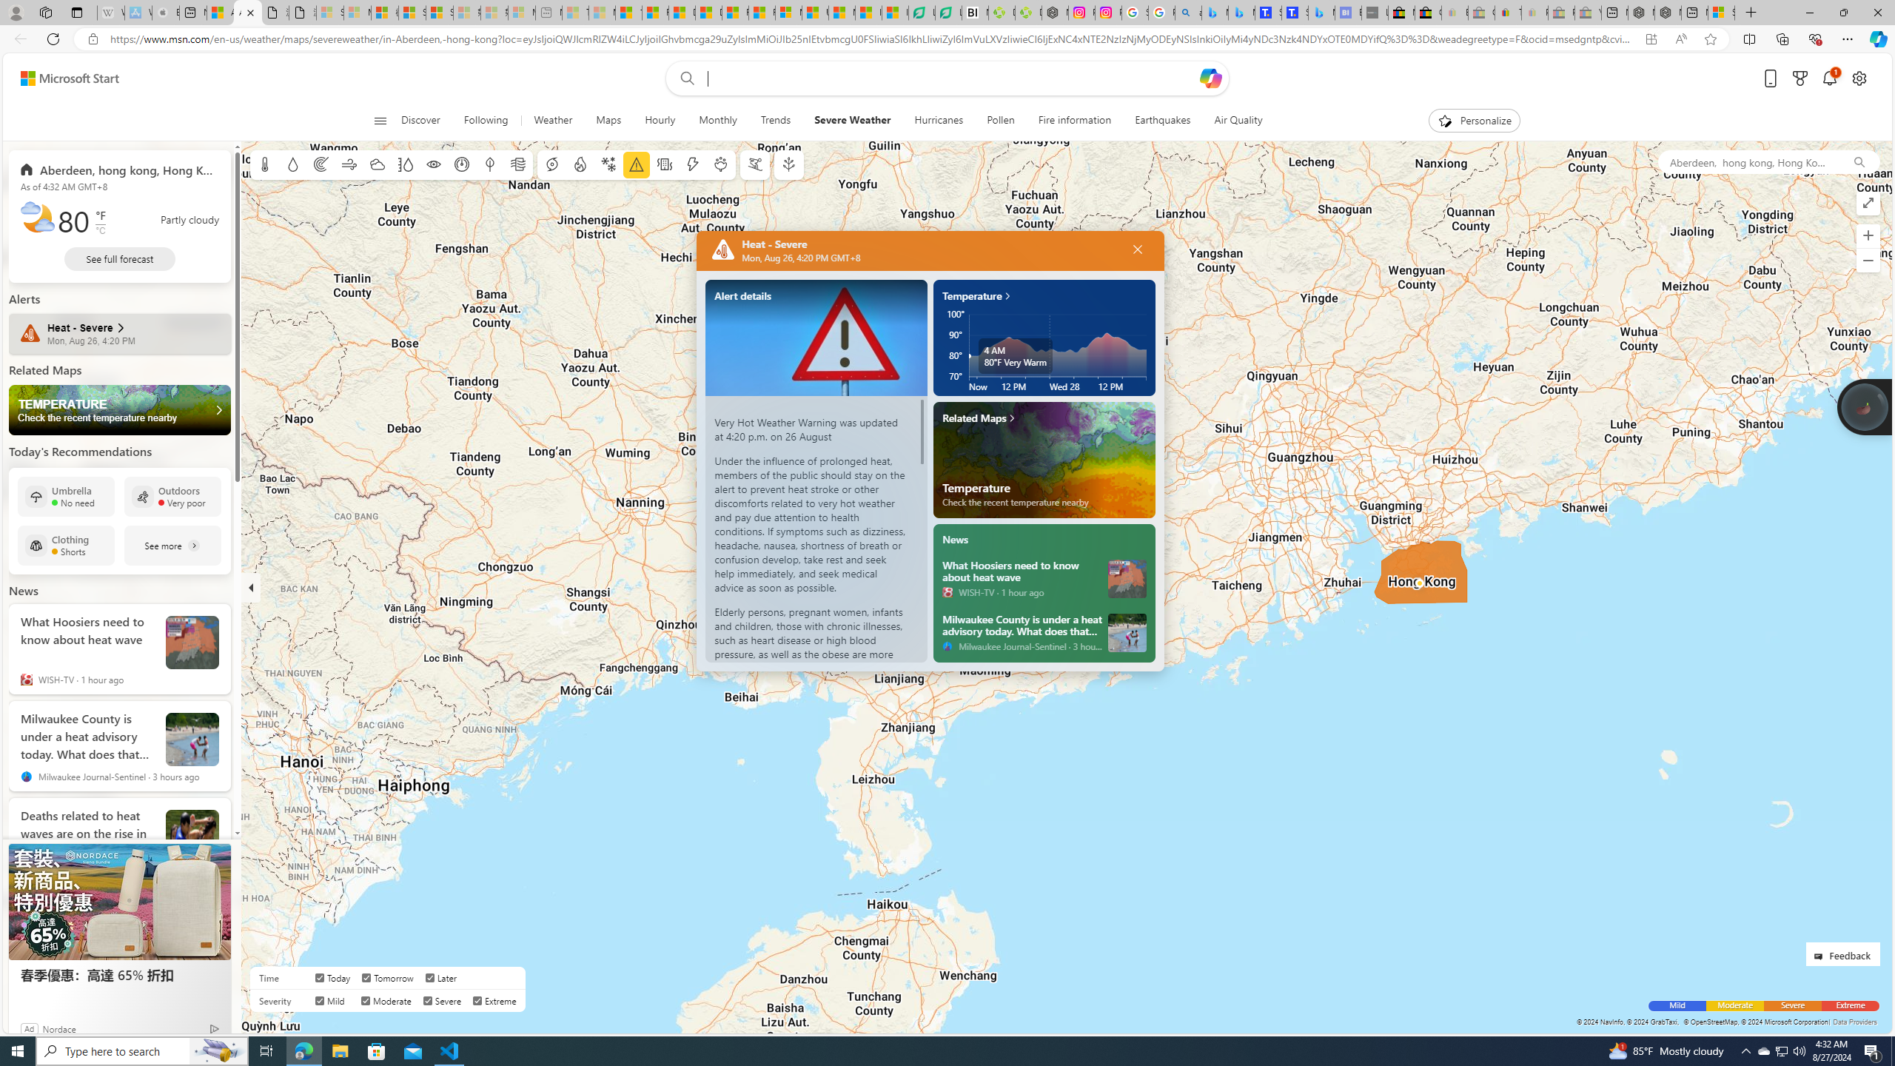 The width and height of the screenshot is (1895, 1066). Describe the element at coordinates (552, 120) in the screenshot. I see `'Weather'` at that location.